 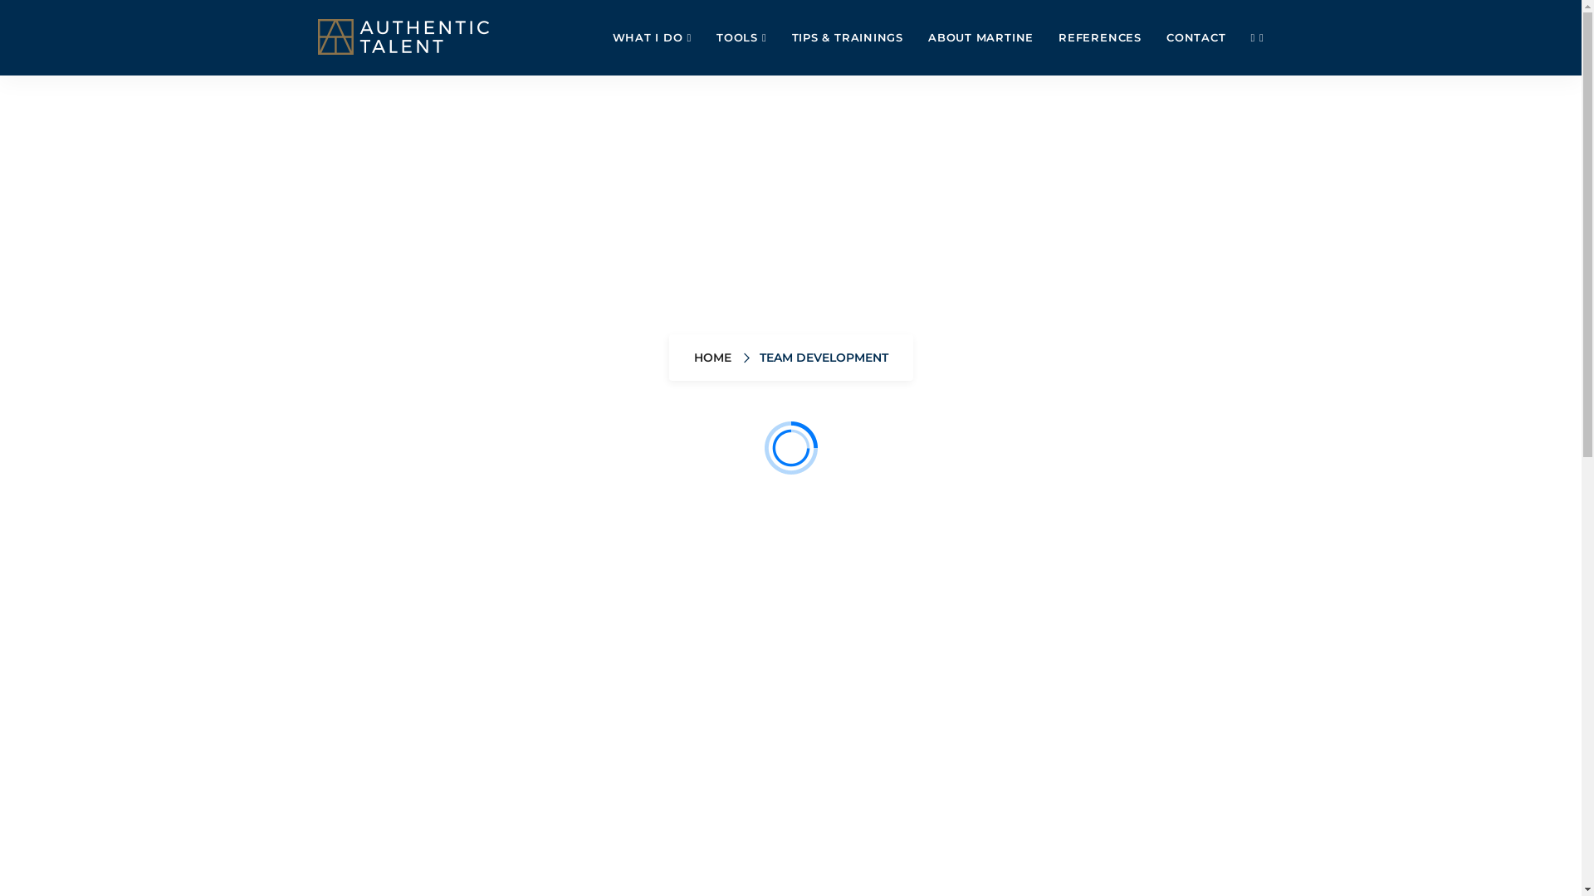 I want to click on 'Team assessment', so click(x=786, y=598).